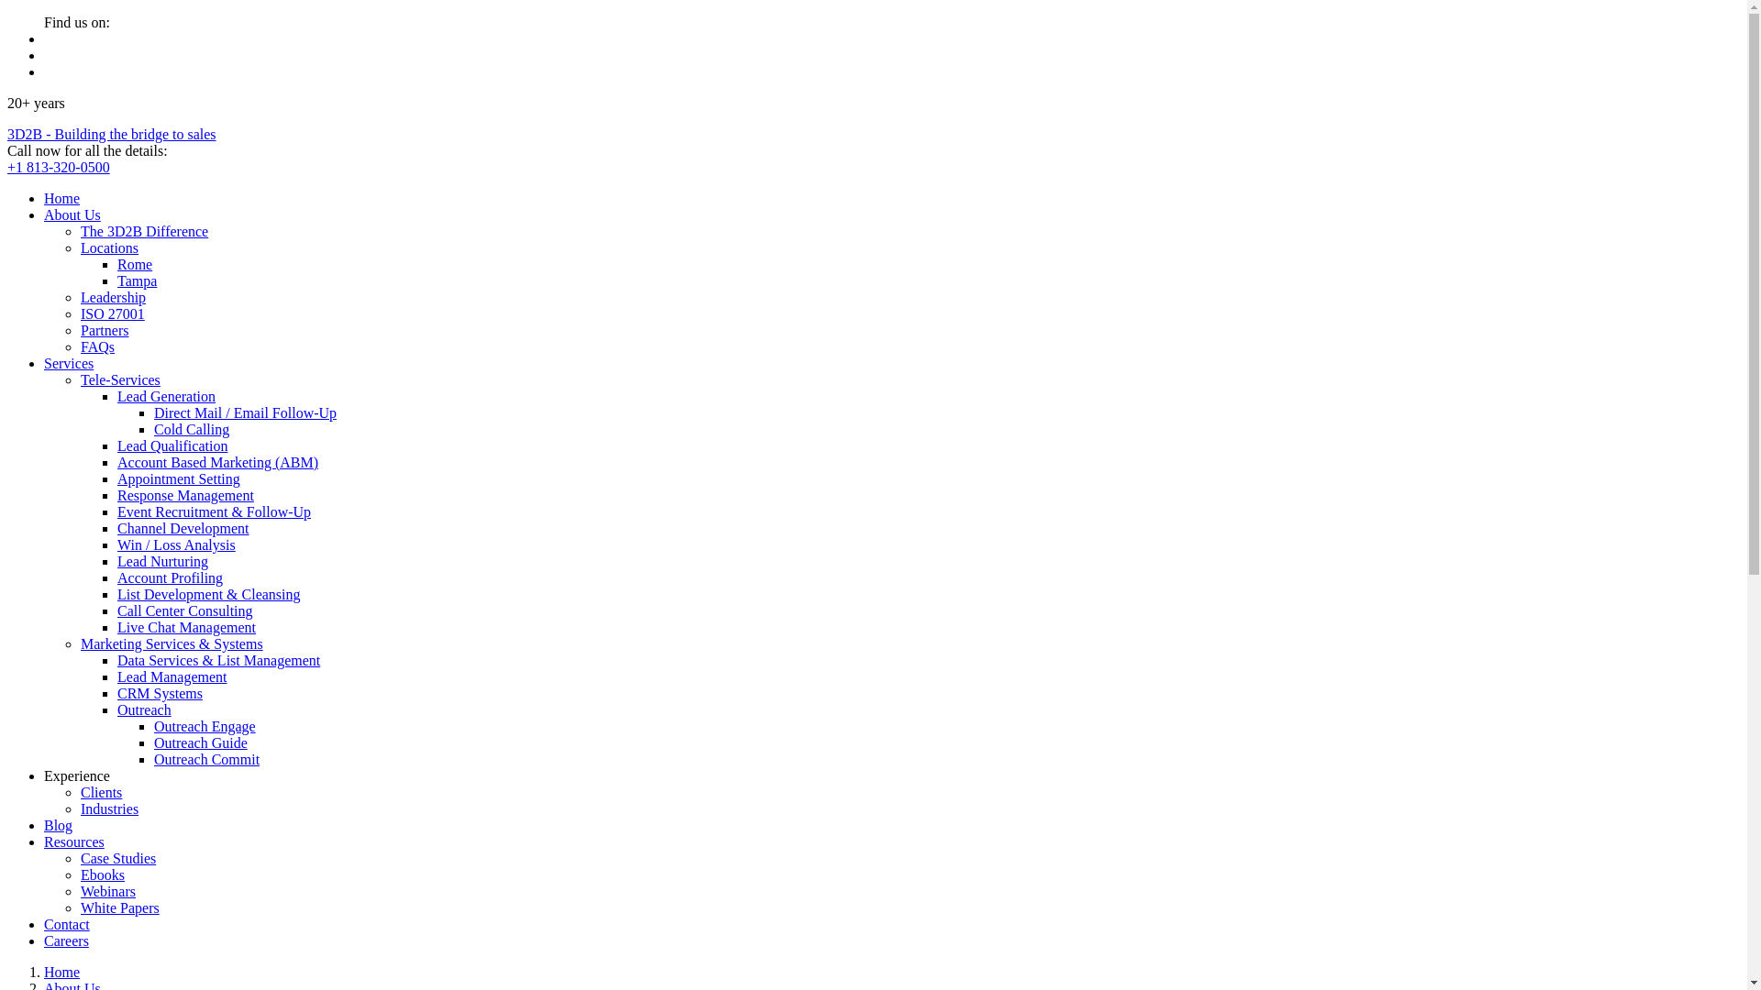  What do you see at coordinates (186, 626) in the screenshot?
I see `'Live Chat Management'` at bounding box center [186, 626].